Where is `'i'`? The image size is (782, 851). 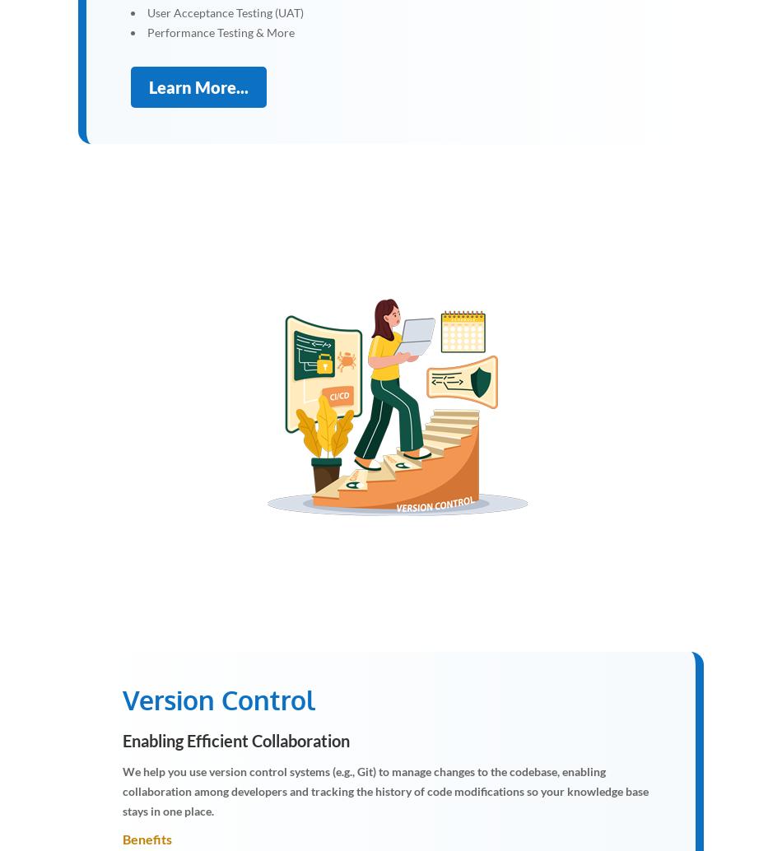
'i' is located at coordinates (412, 402).